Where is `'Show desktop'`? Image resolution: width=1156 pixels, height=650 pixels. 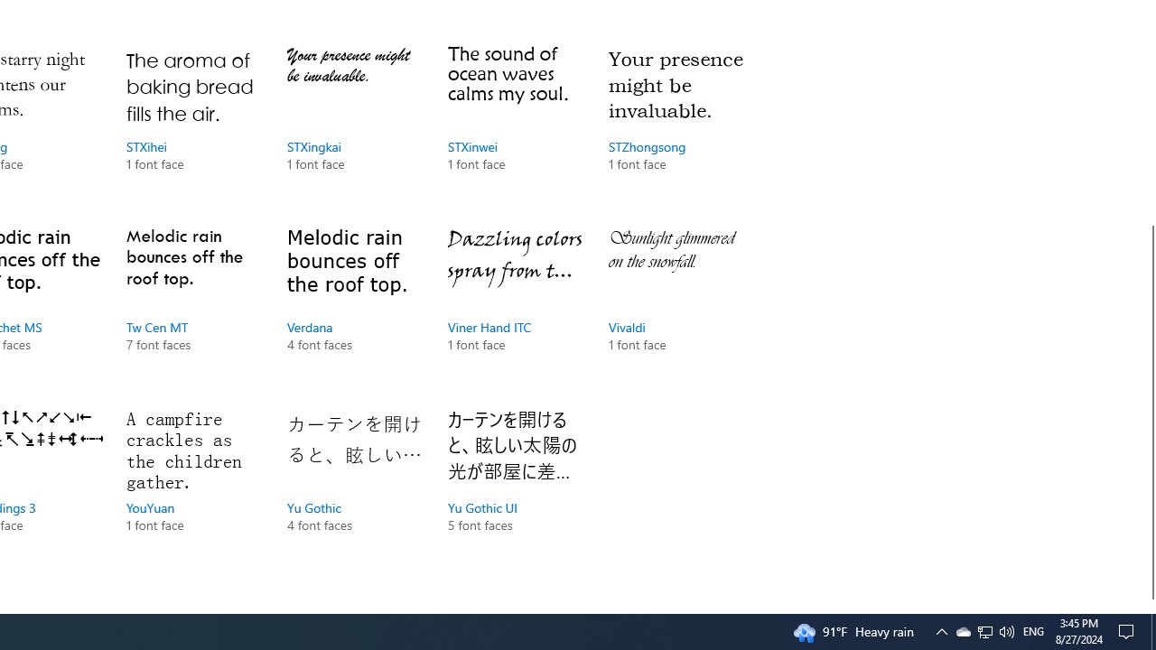 'Show desktop' is located at coordinates (1152, 630).